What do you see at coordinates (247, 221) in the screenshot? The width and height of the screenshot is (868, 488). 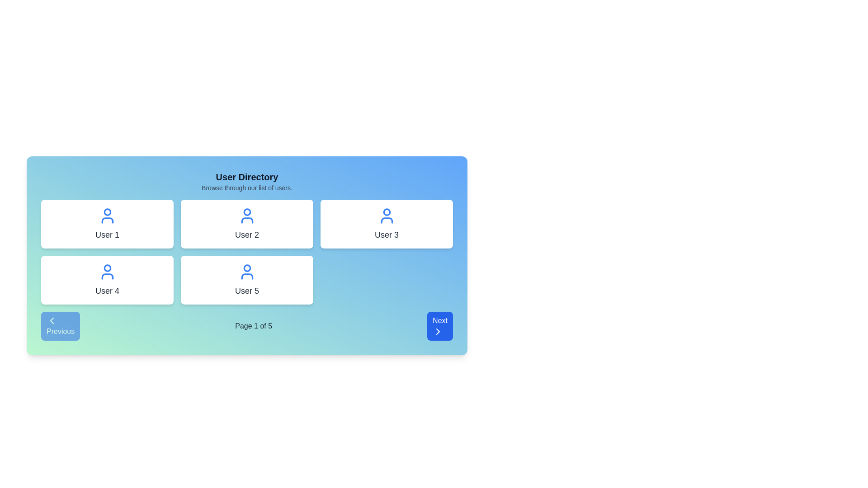 I see `the decorative graphical component within the 'User 2' profile icon, located in the second cell of the upper row of the user grid` at bounding box center [247, 221].